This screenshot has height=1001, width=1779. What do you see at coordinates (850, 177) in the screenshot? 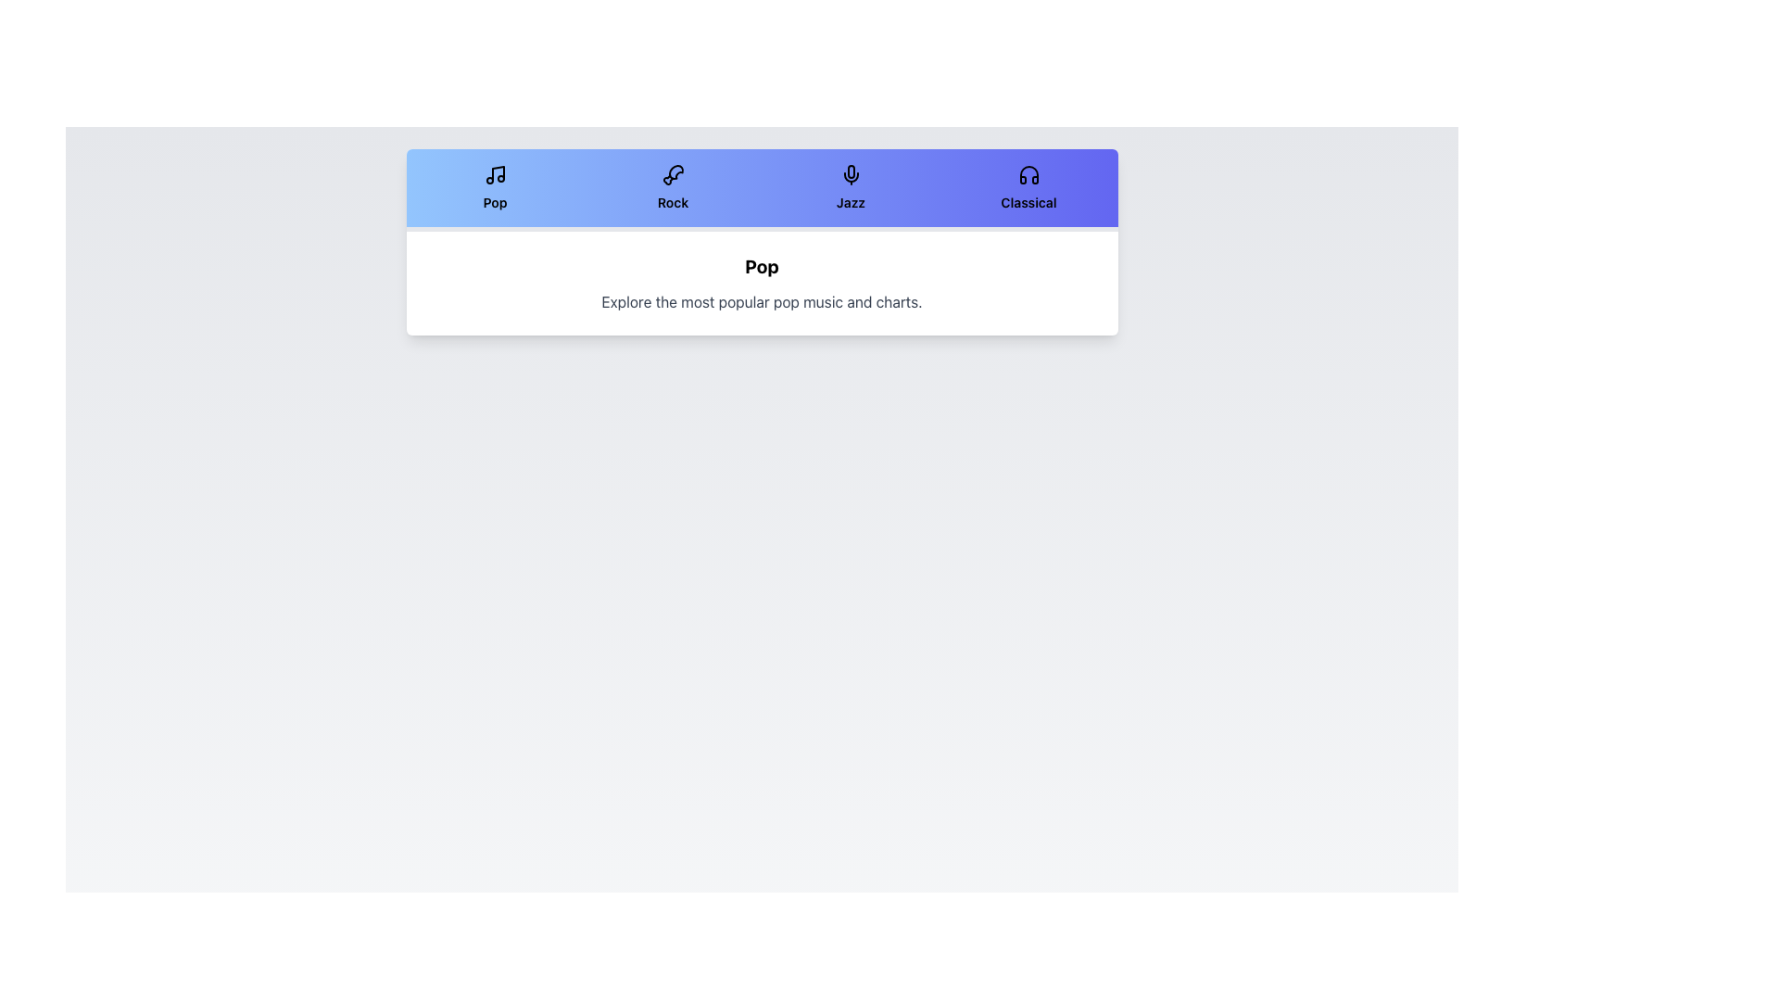
I see `the middle curve of the microphone icon within the 'Jazz' tab` at bounding box center [850, 177].